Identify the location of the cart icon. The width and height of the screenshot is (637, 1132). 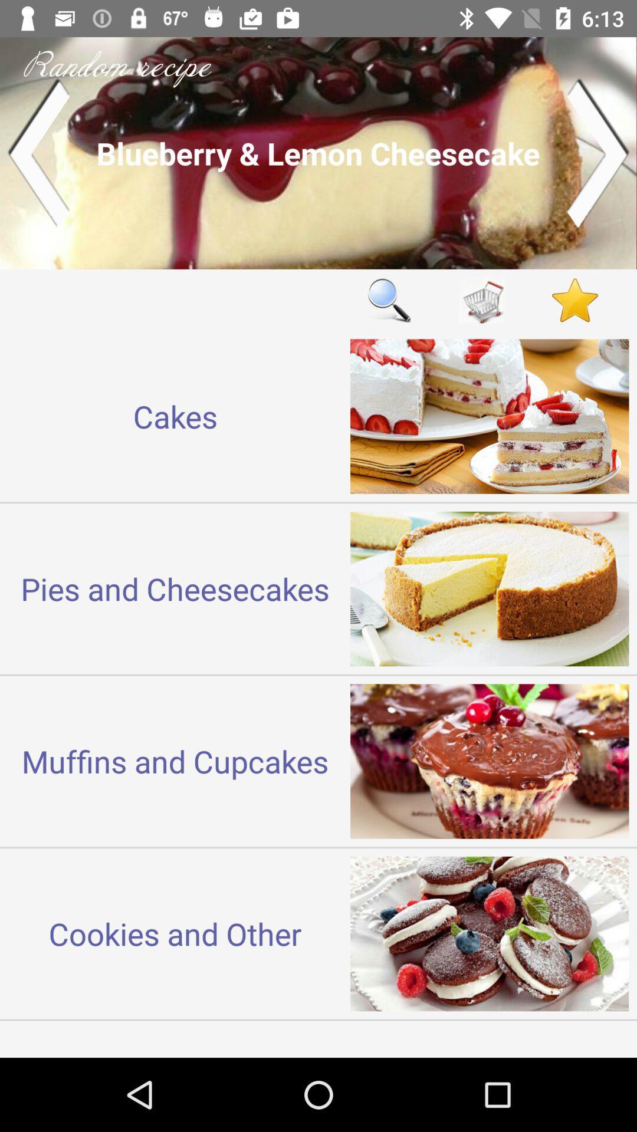
(482, 300).